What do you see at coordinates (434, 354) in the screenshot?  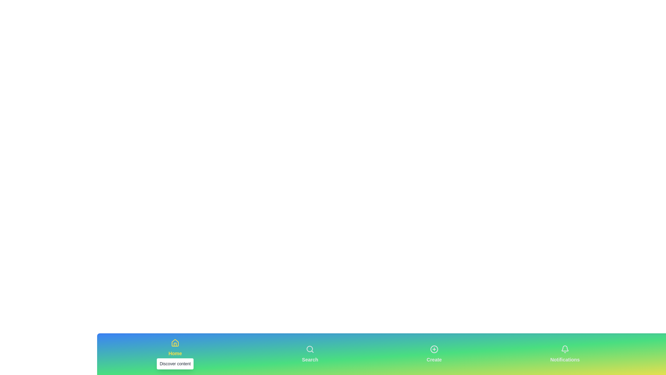 I see `the tab icon labeled 'Create' to observe the hover effect` at bounding box center [434, 354].